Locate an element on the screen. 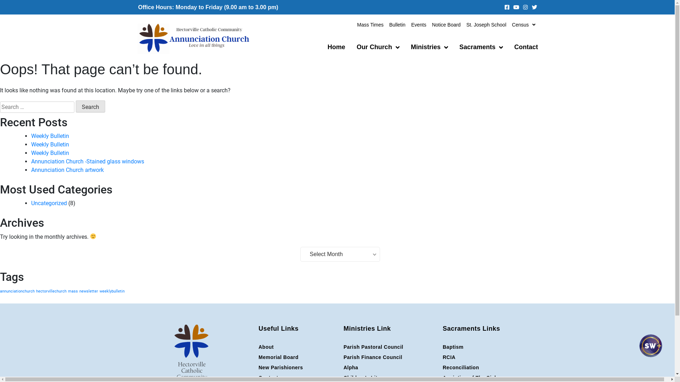 The height and width of the screenshot is (382, 680). 'Weekly Bulletin' is located at coordinates (50, 144).